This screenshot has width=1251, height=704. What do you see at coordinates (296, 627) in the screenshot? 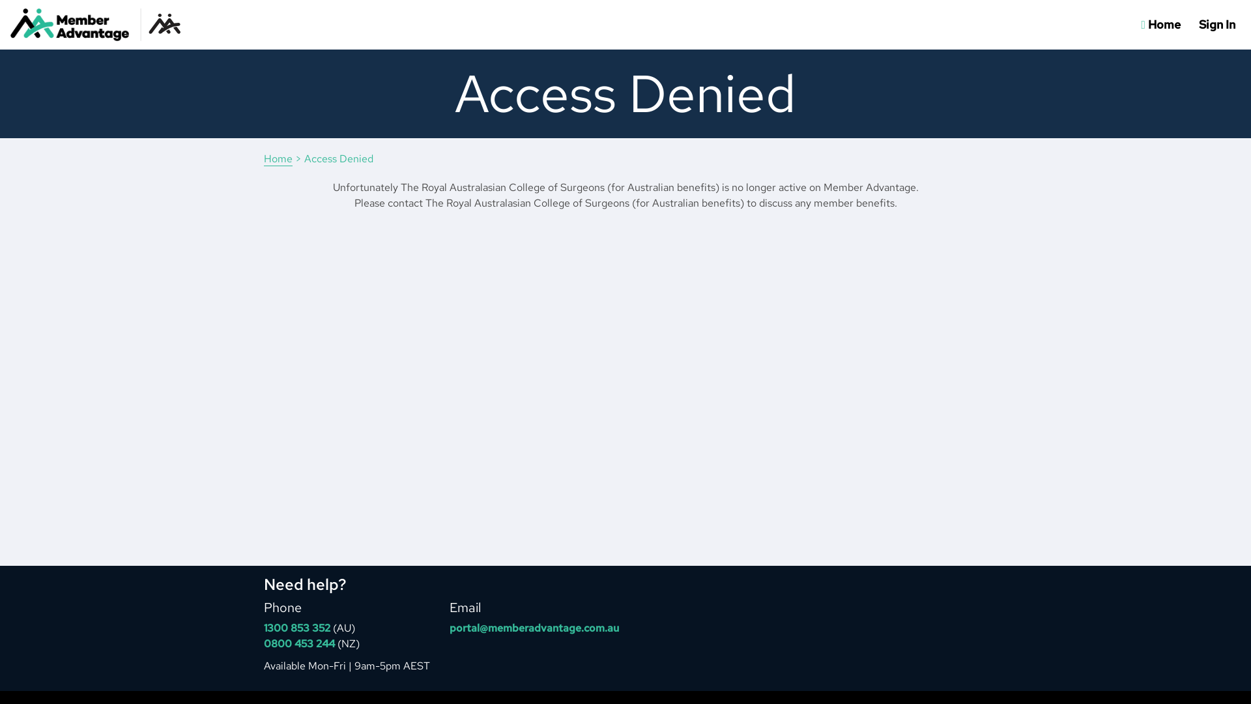
I see `'1300 853 352'` at bounding box center [296, 627].